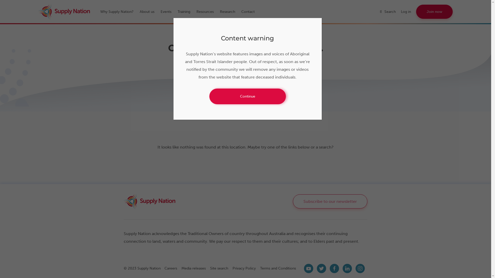 The width and height of the screenshot is (495, 278). I want to click on 'Search', so click(390, 12).